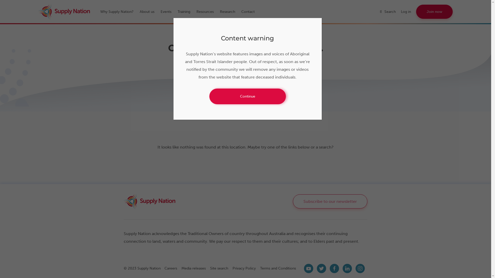 The width and height of the screenshot is (495, 278). I want to click on 'Search', so click(390, 12).